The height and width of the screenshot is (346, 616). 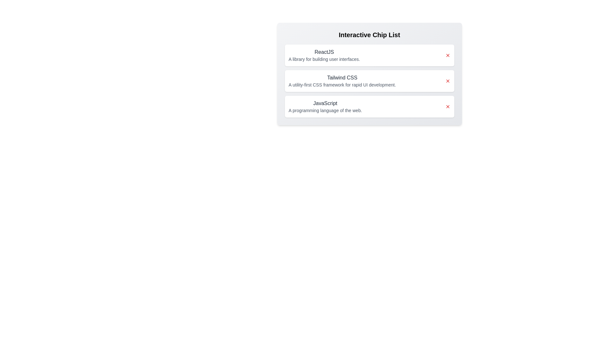 What do you see at coordinates (447, 106) in the screenshot?
I see `close button corresponding to the chip labeled JavaScript` at bounding box center [447, 106].